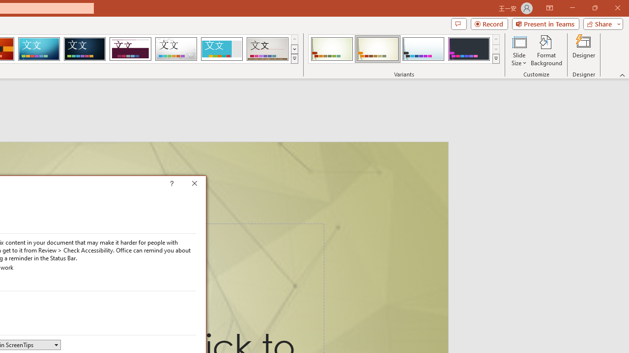 This screenshot has width=629, height=353. I want to click on 'Dividend Loading Preview...', so click(130, 49).